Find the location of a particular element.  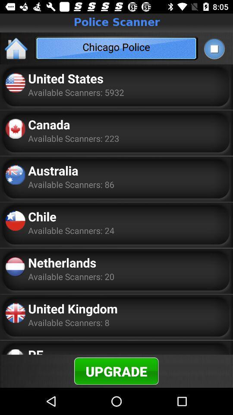

item next to the pe item is located at coordinates (116, 370).